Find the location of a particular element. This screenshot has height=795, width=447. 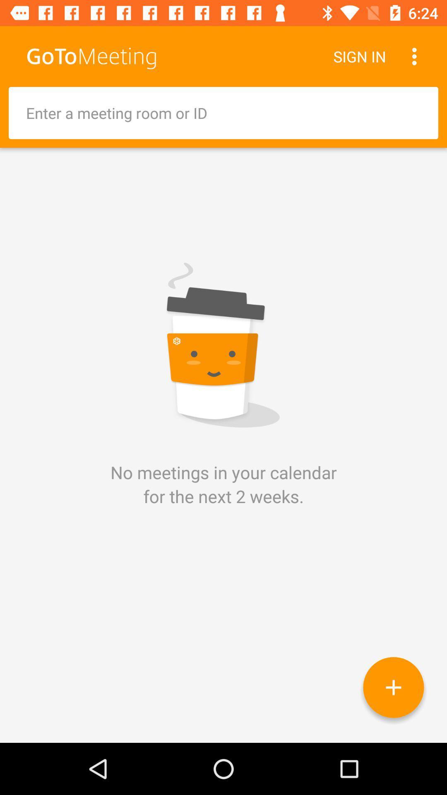

item to the right of the sign in icon is located at coordinates (416, 56).